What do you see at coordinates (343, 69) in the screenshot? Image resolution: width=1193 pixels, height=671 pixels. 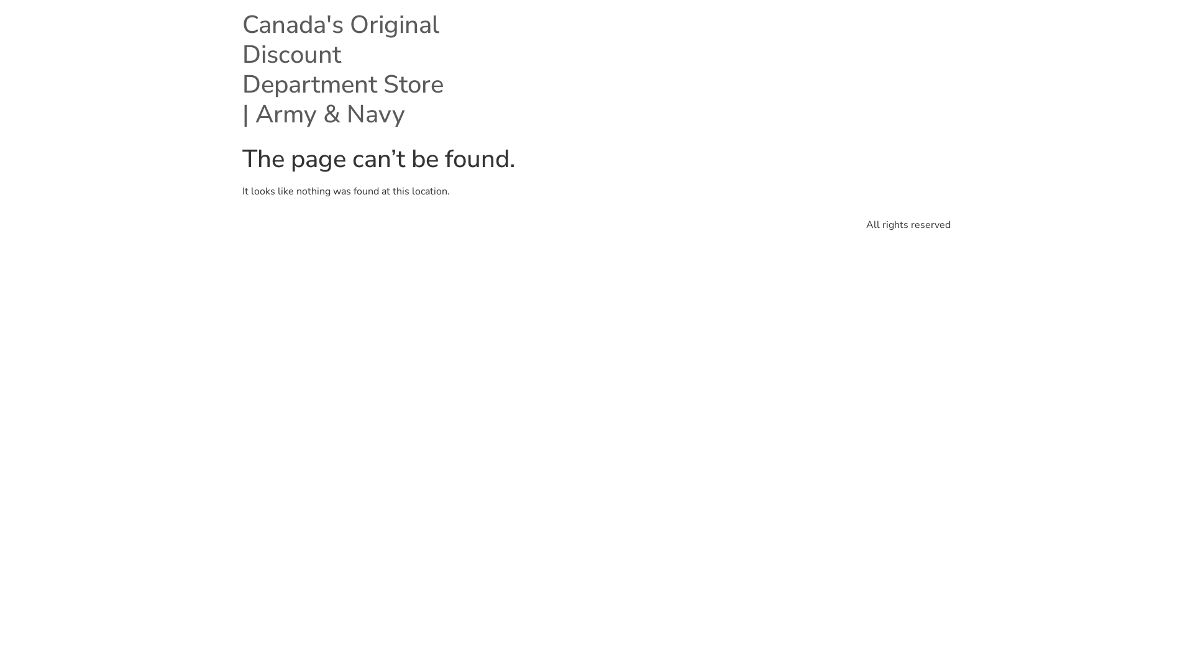 I see `'Canada's Original Discount Department Store | Army & Navy'` at bounding box center [343, 69].